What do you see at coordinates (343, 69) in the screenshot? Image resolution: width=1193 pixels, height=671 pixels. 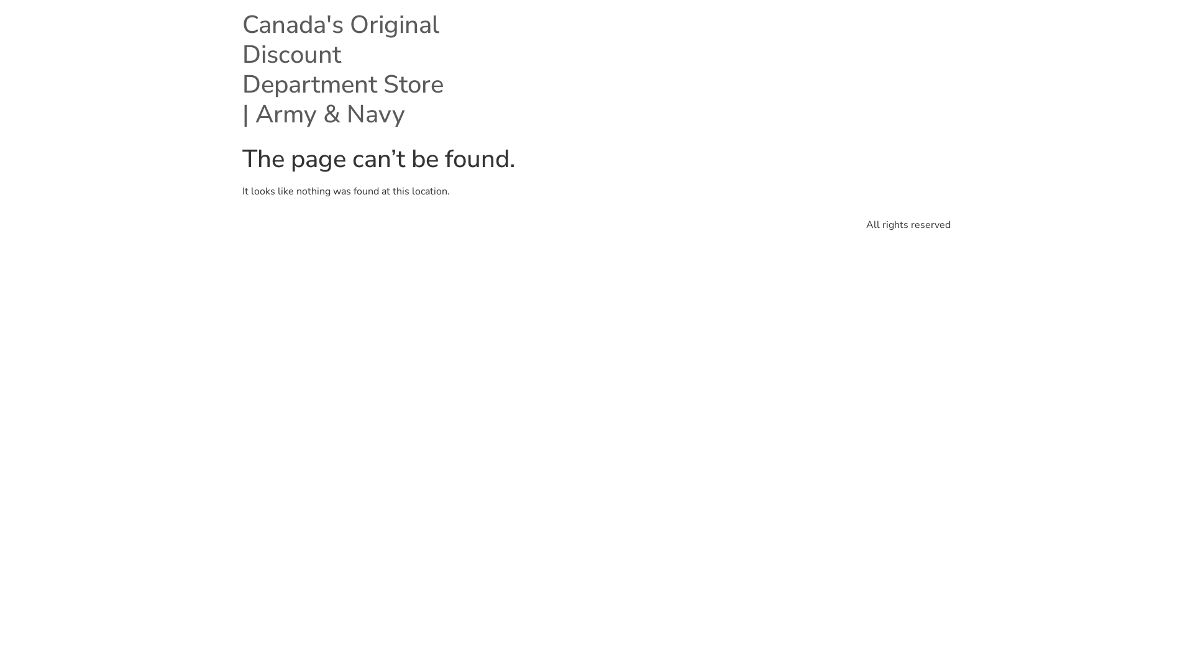 I see `'Canada's Original Discount Department Store | Army & Navy'` at bounding box center [343, 69].